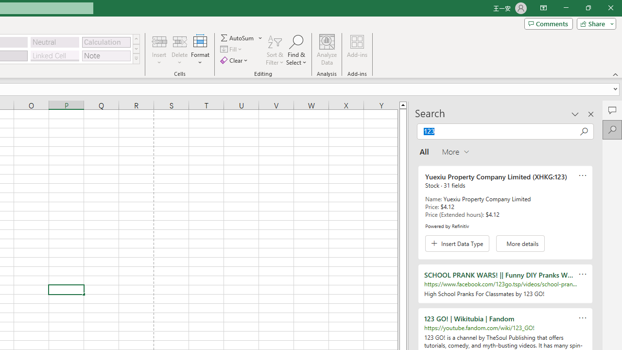 This screenshot has height=350, width=622. What do you see at coordinates (54, 41) in the screenshot?
I see `'Neutral'` at bounding box center [54, 41].